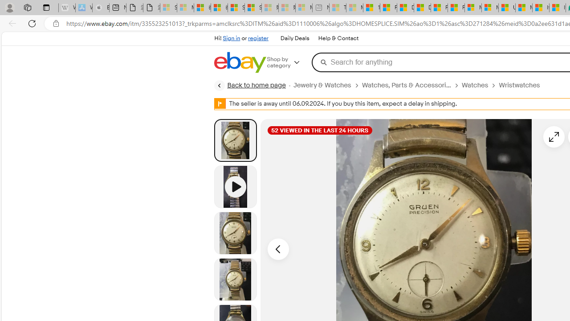 This screenshot has width=570, height=321. I want to click on 'Sign in to your Microsoft account - Sleeping', so click(168, 8).